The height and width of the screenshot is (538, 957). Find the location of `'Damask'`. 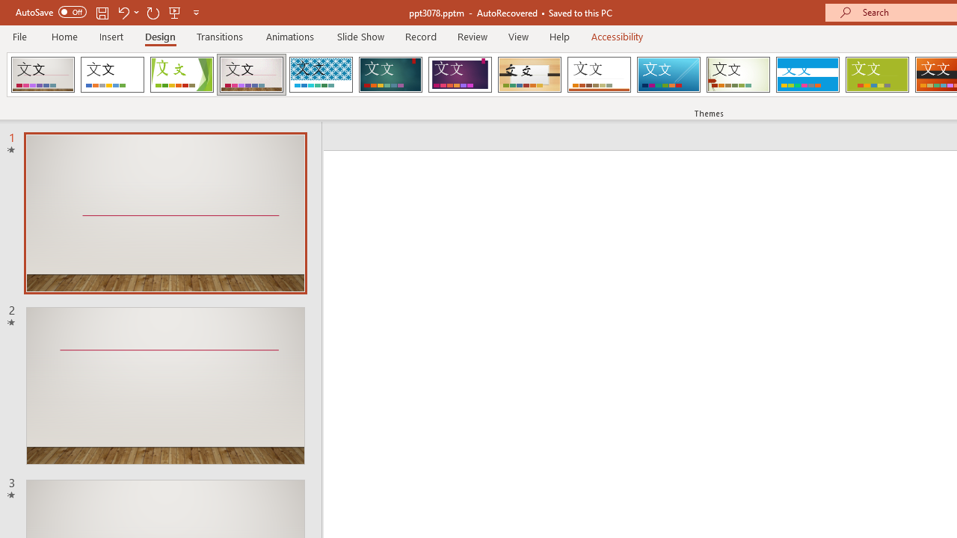

'Damask' is located at coordinates (43, 75).